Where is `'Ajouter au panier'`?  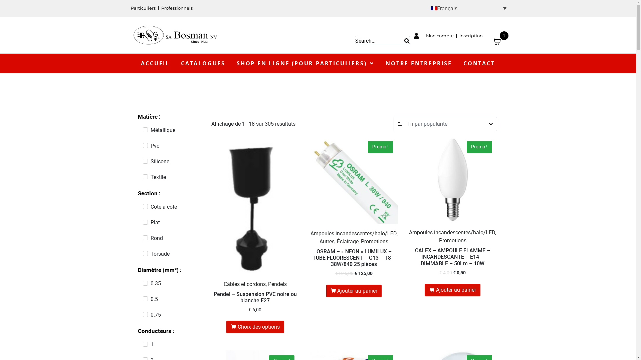
'Ajouter au panier' is located at coordinates (354, 290).